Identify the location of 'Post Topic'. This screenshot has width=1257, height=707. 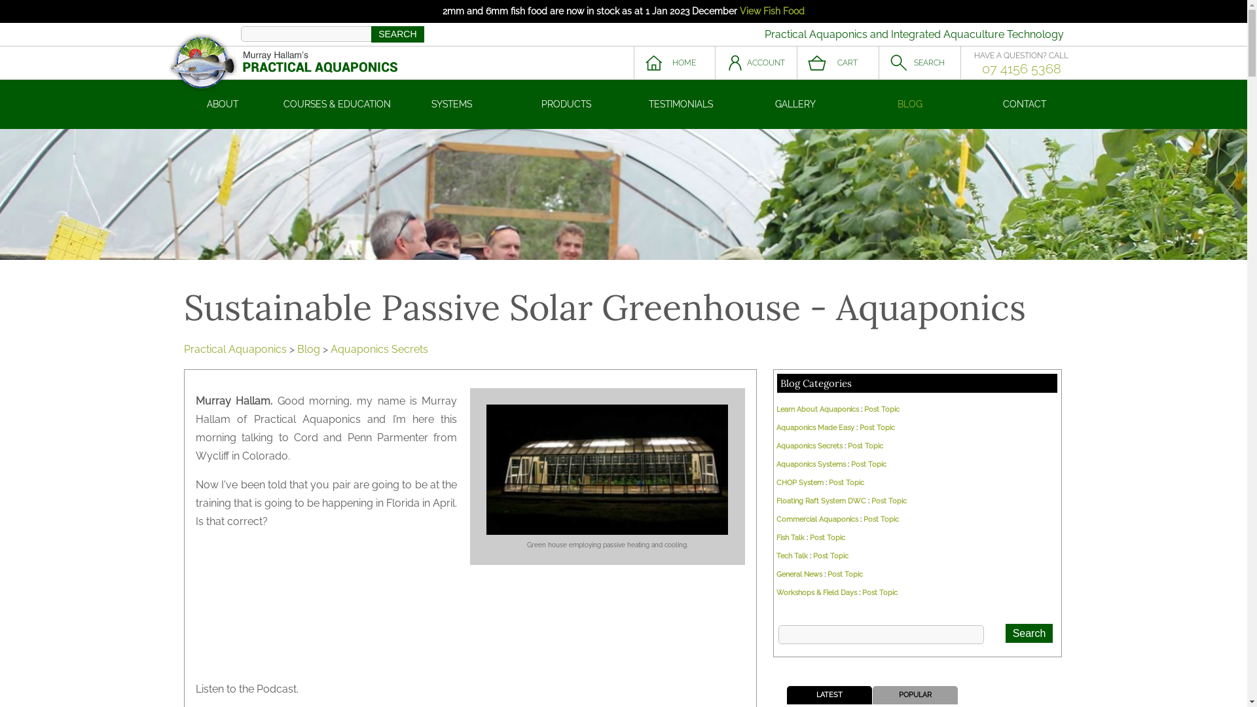
(877, 427).